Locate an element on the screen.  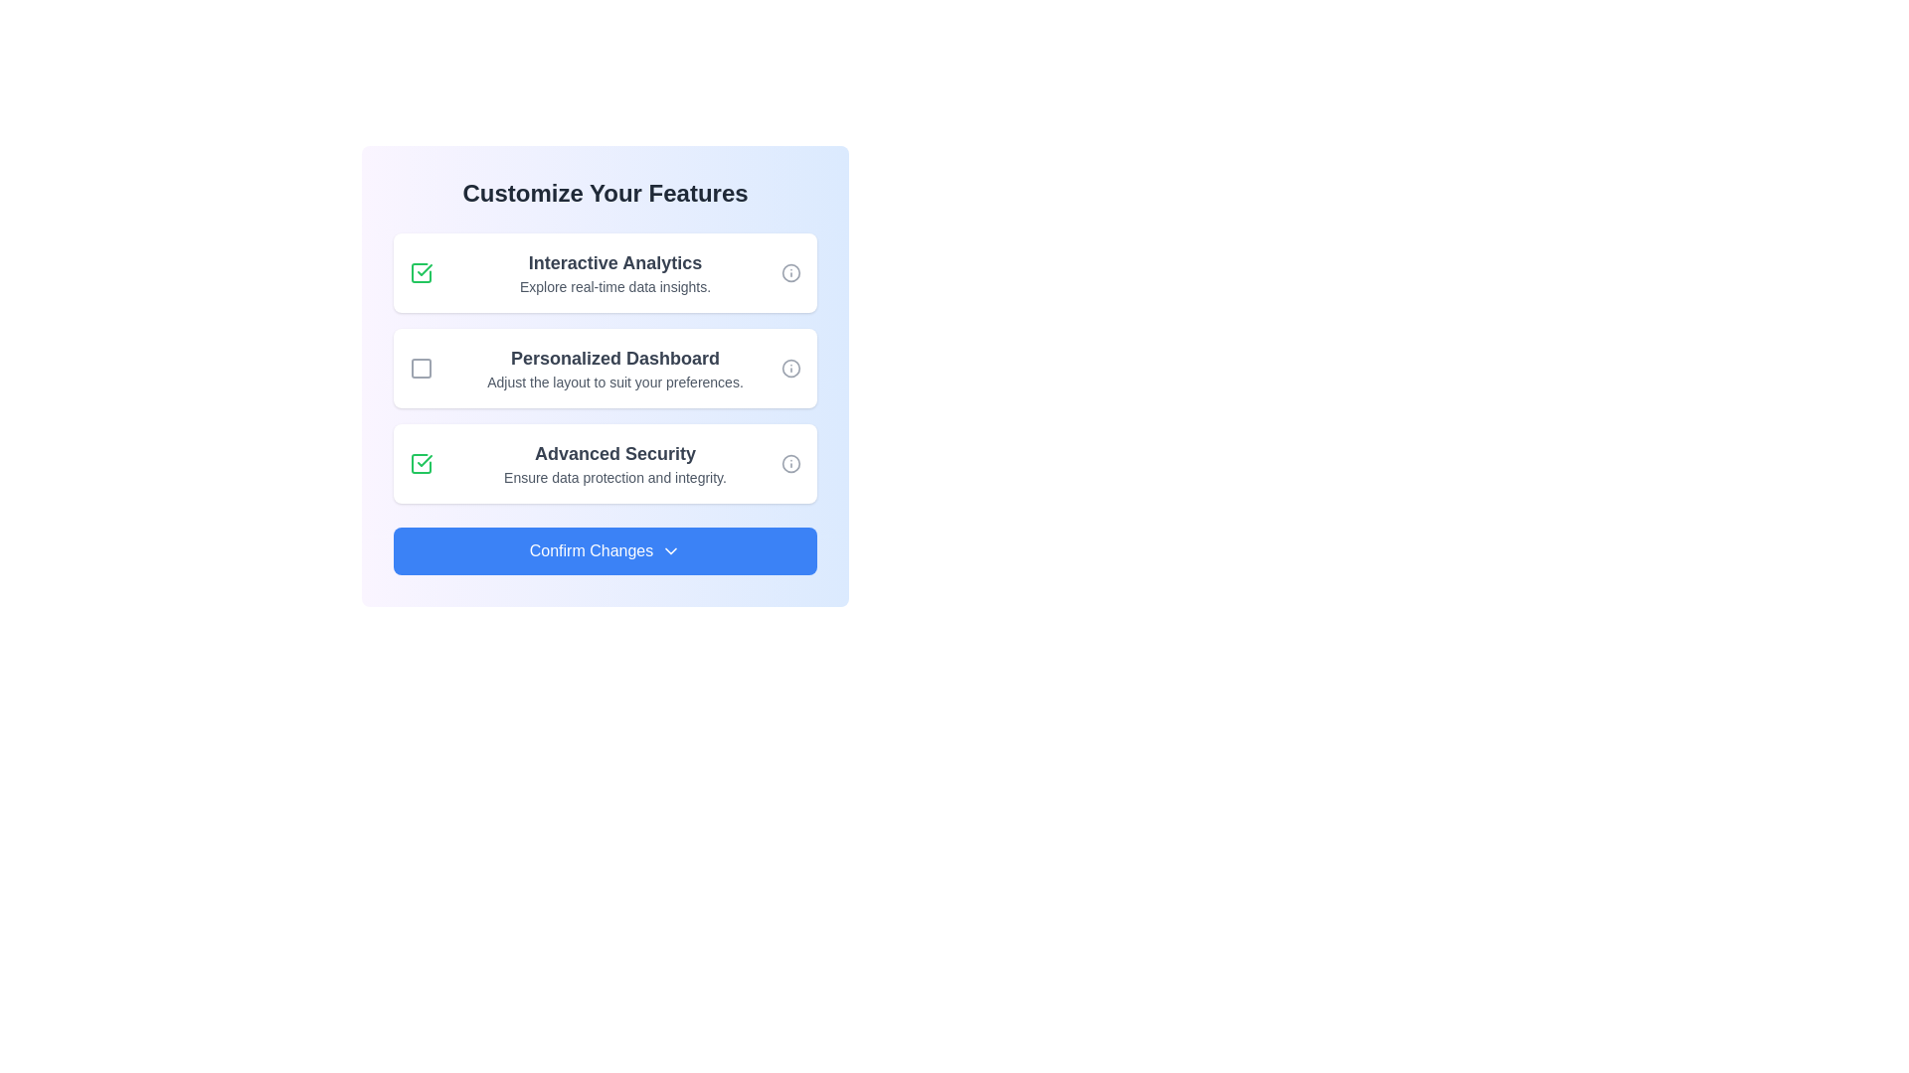
the text label displaying 'Ensure data protection and integrity.' which is located beneath the title 'Advanced Security' is located at coordinates (614, 478).